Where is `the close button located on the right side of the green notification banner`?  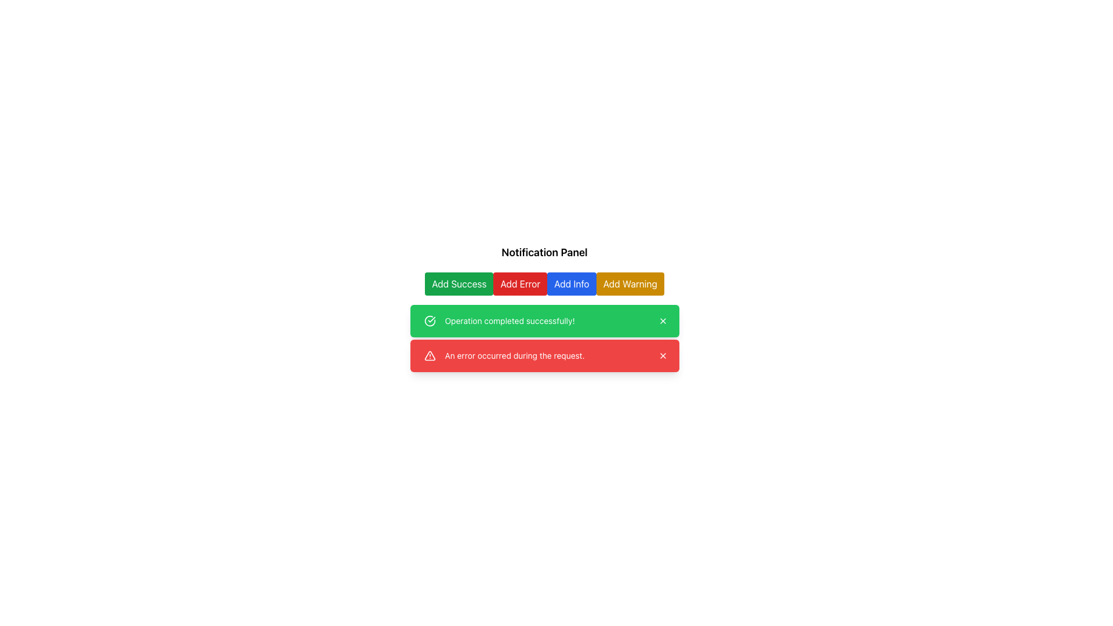
the close button located on the right side of the green notification banner is located at coordinates (663, 321).